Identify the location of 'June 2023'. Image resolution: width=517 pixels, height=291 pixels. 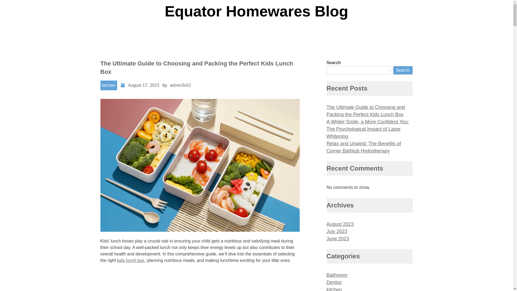
(337, 238).